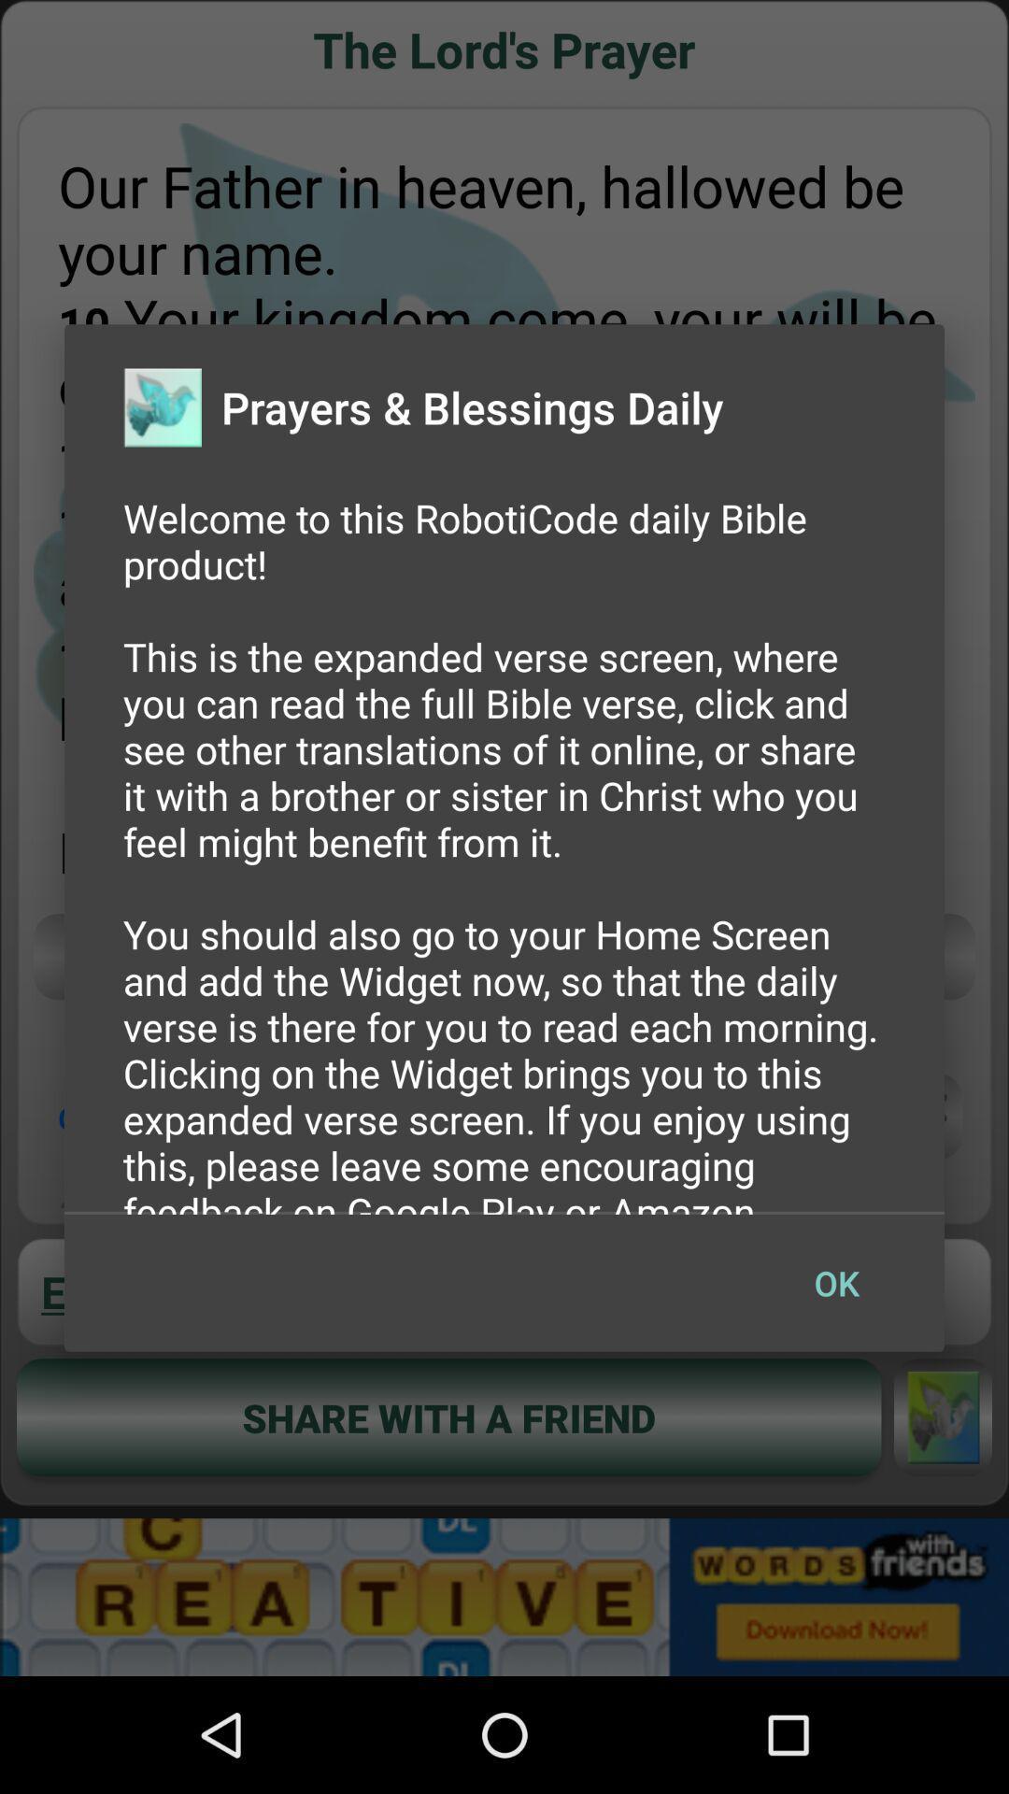 The image size is (1009, 1794). What do you see at coordinates (835, 1282) in the screenshot?
I see `the button at the bottom right corner` at bounding box center [835, 1282].